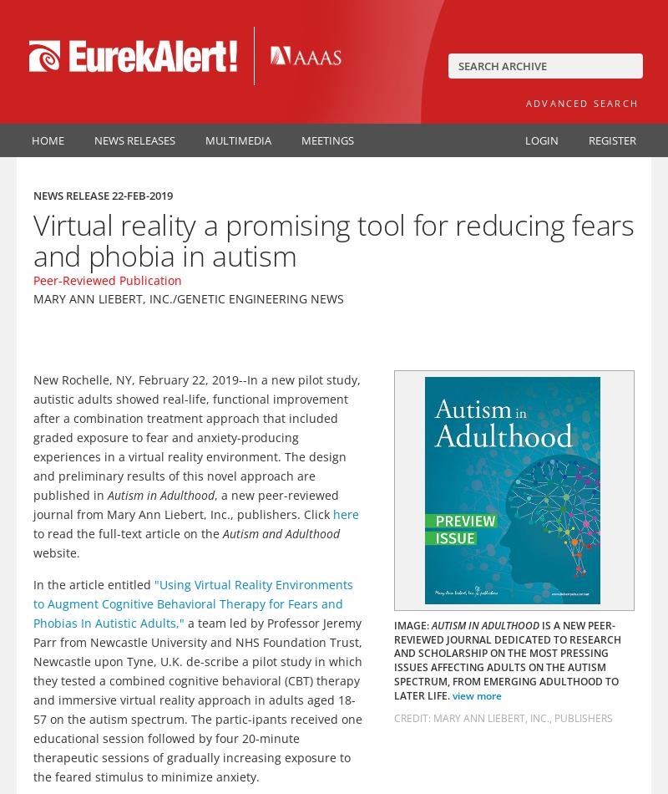  I want to click on '22-Feb-2019', so click(112, 196).